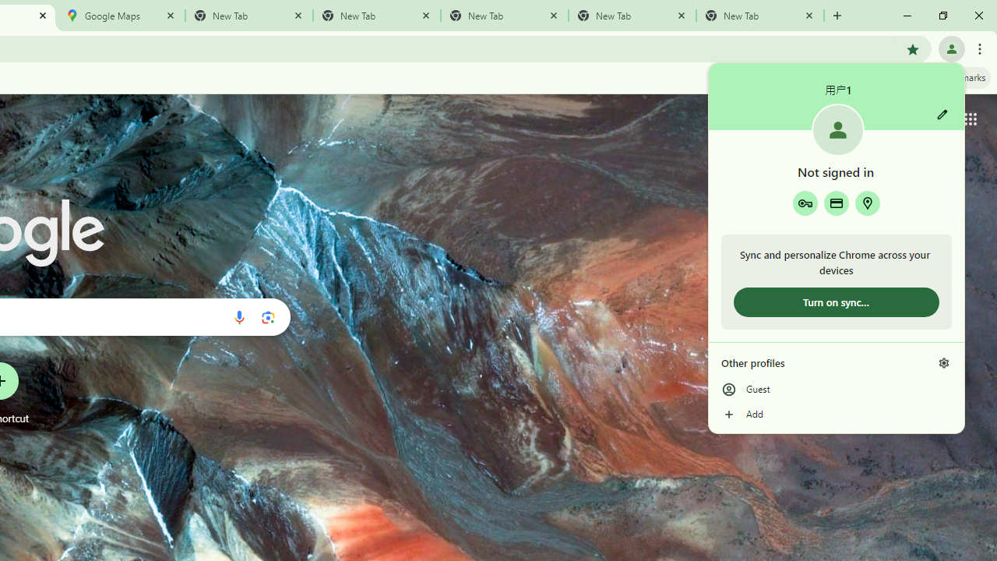  What do you see at coordinates (836, 203) in the screenshot?
I see `'Payment methods'` at bounding box center [836, 203].